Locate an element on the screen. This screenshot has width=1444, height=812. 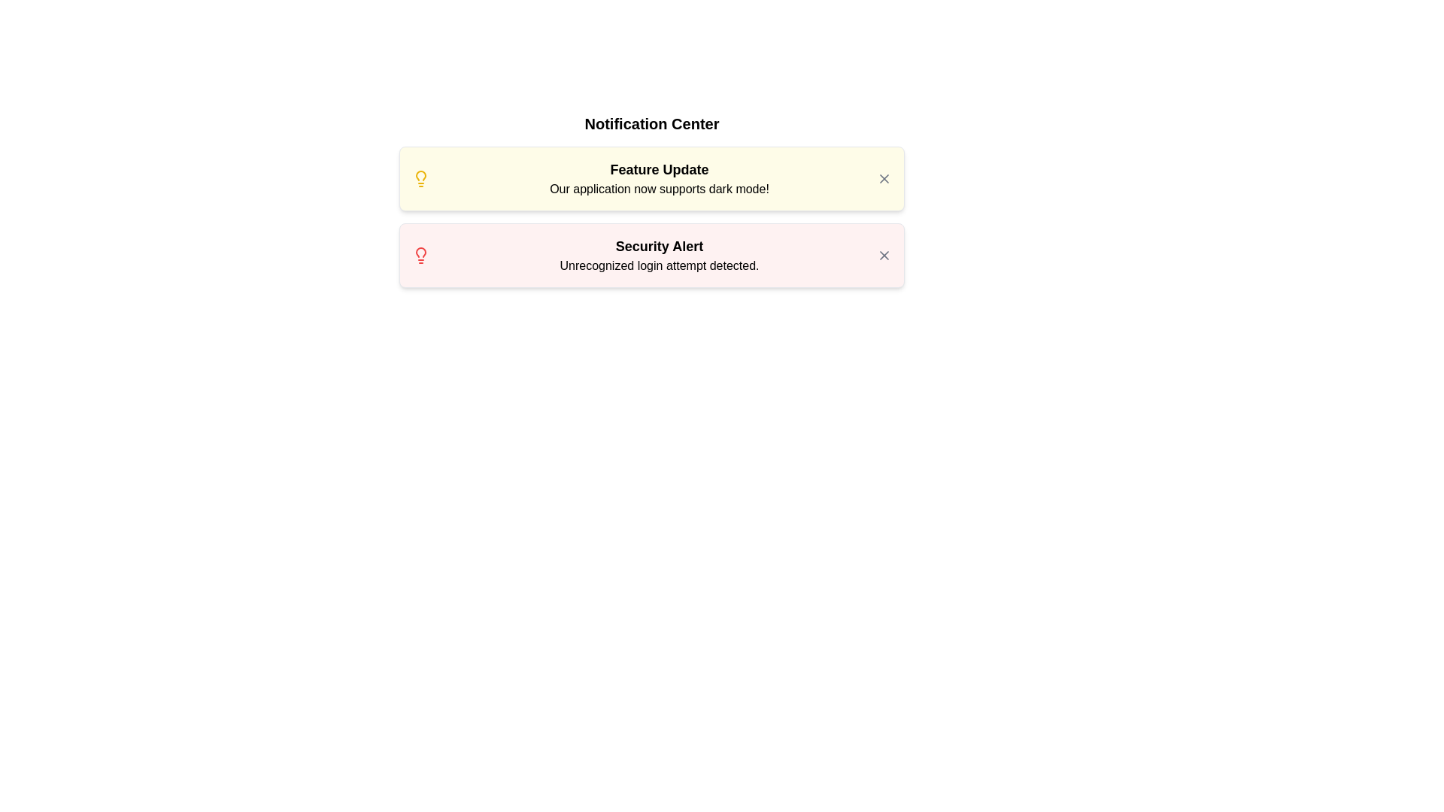
the cross icon located on the right side of the 'Security Alert' notification is located at coordinates (884, 254).